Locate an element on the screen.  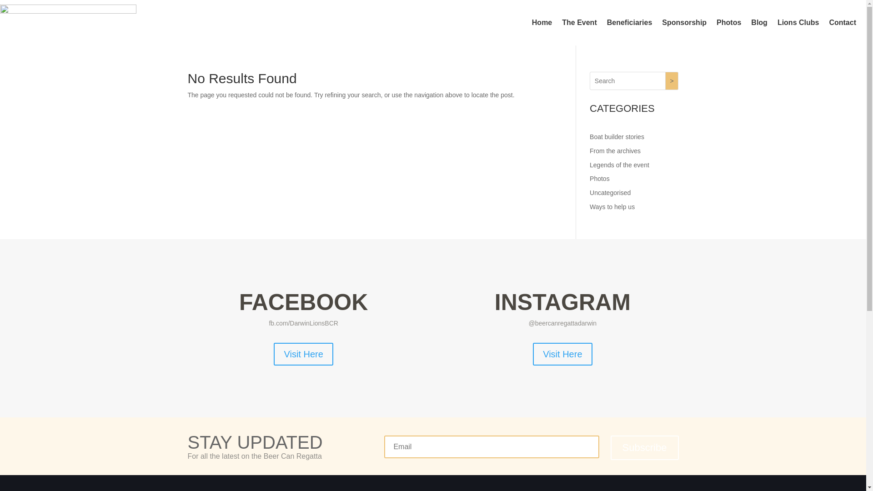
'Uncategorised' is located at coordinates (610, 192).